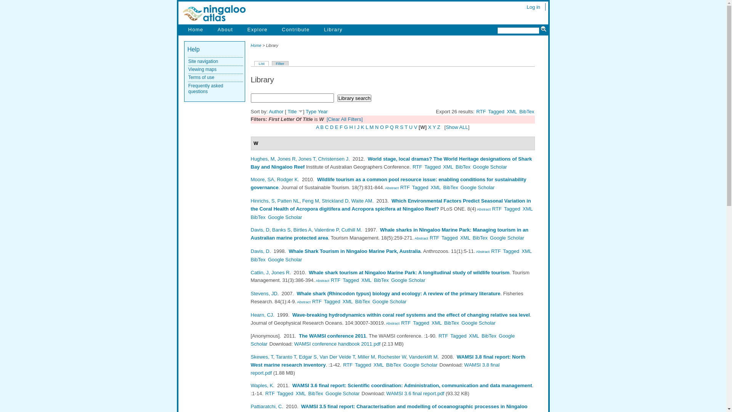  Describe the element at coordinates (287, 179) in the screenshot. I see `'Rodger K'` at that location.